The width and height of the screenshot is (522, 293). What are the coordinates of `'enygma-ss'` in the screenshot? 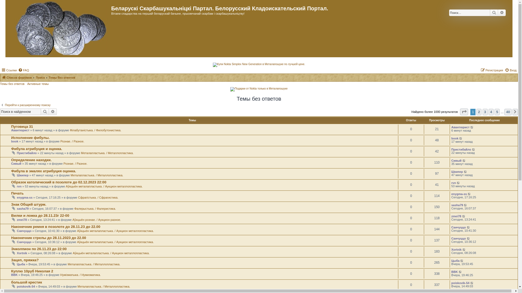 It's located at (451, 193).